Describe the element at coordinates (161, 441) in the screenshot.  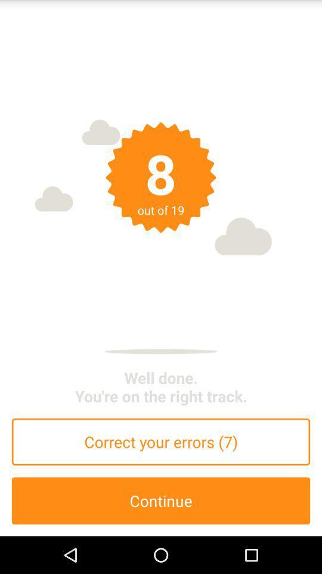
I see `the item above continue icon` at that location.